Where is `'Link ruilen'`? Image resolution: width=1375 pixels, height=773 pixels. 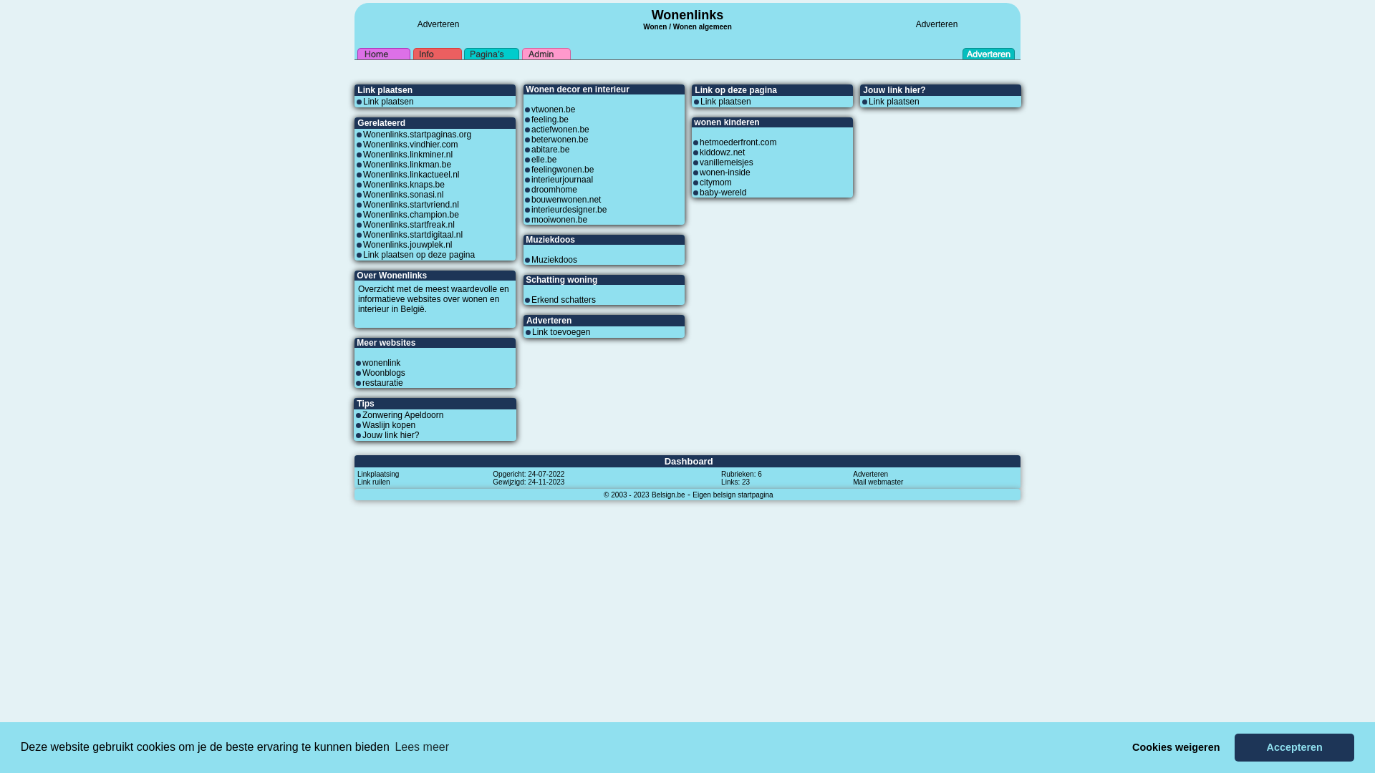 'Link ruilen' is located at coordinates (374, 481).